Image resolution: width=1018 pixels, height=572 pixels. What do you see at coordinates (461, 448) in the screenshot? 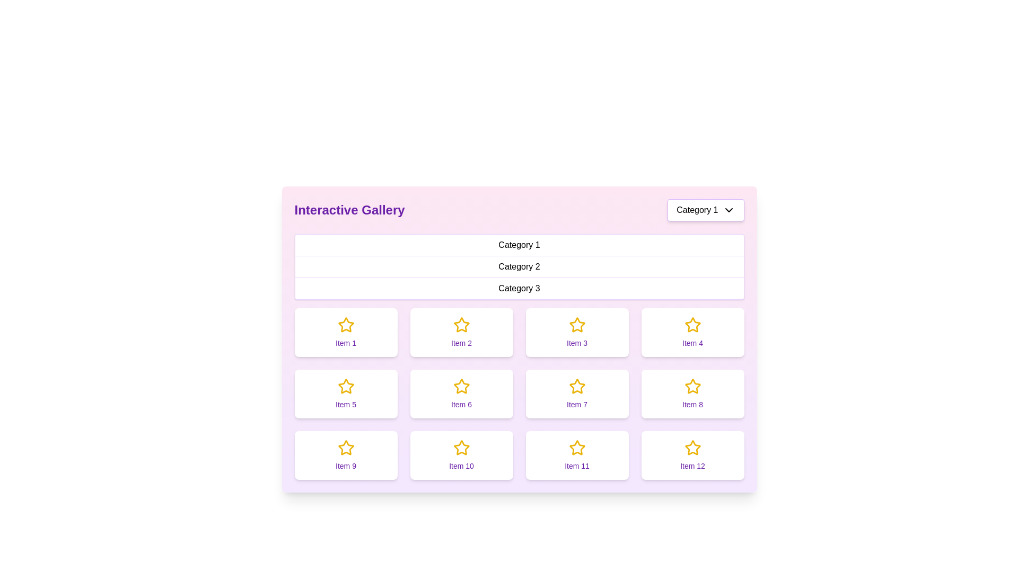
I see `the star icon in the fifth column of the third row, associated with 'Item 10', to rate or mark it` at bounding box center [461, 448].